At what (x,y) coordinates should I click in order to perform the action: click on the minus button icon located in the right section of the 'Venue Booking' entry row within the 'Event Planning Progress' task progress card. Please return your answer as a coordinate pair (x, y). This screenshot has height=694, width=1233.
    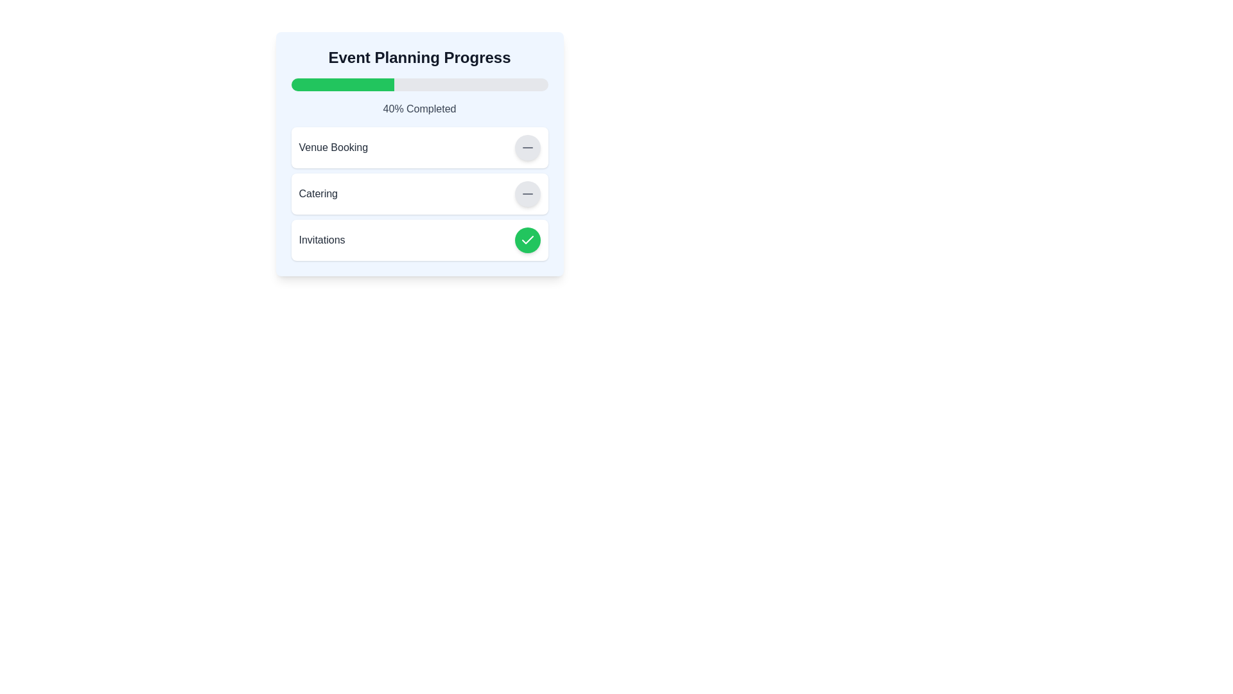
    Looking at the image, I should click on (527, 193).